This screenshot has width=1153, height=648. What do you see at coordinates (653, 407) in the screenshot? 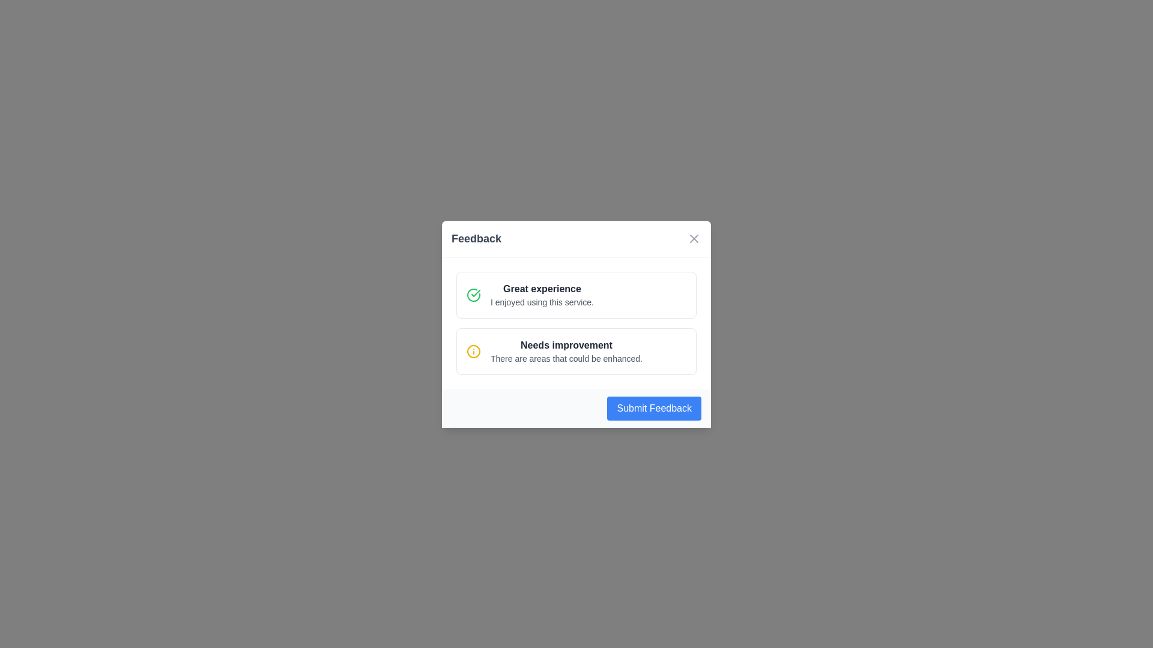
I see `the 'Submit Feedback' button to submit the selected feedback` at bounding box center [653, 407].